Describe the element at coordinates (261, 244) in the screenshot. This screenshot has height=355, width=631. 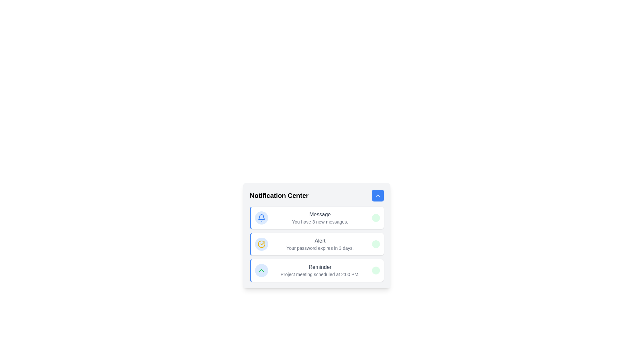
I see `the status confirmation icon located inside the 'Alert' notification card, positioned to the left of the 'Alert' title and the message 'Your password expires in 3 days.'` at that location.